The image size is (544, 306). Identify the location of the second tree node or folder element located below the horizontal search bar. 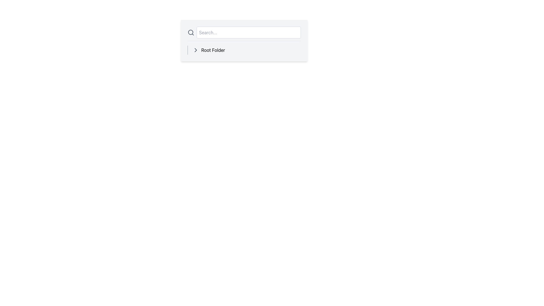
(244, 50).